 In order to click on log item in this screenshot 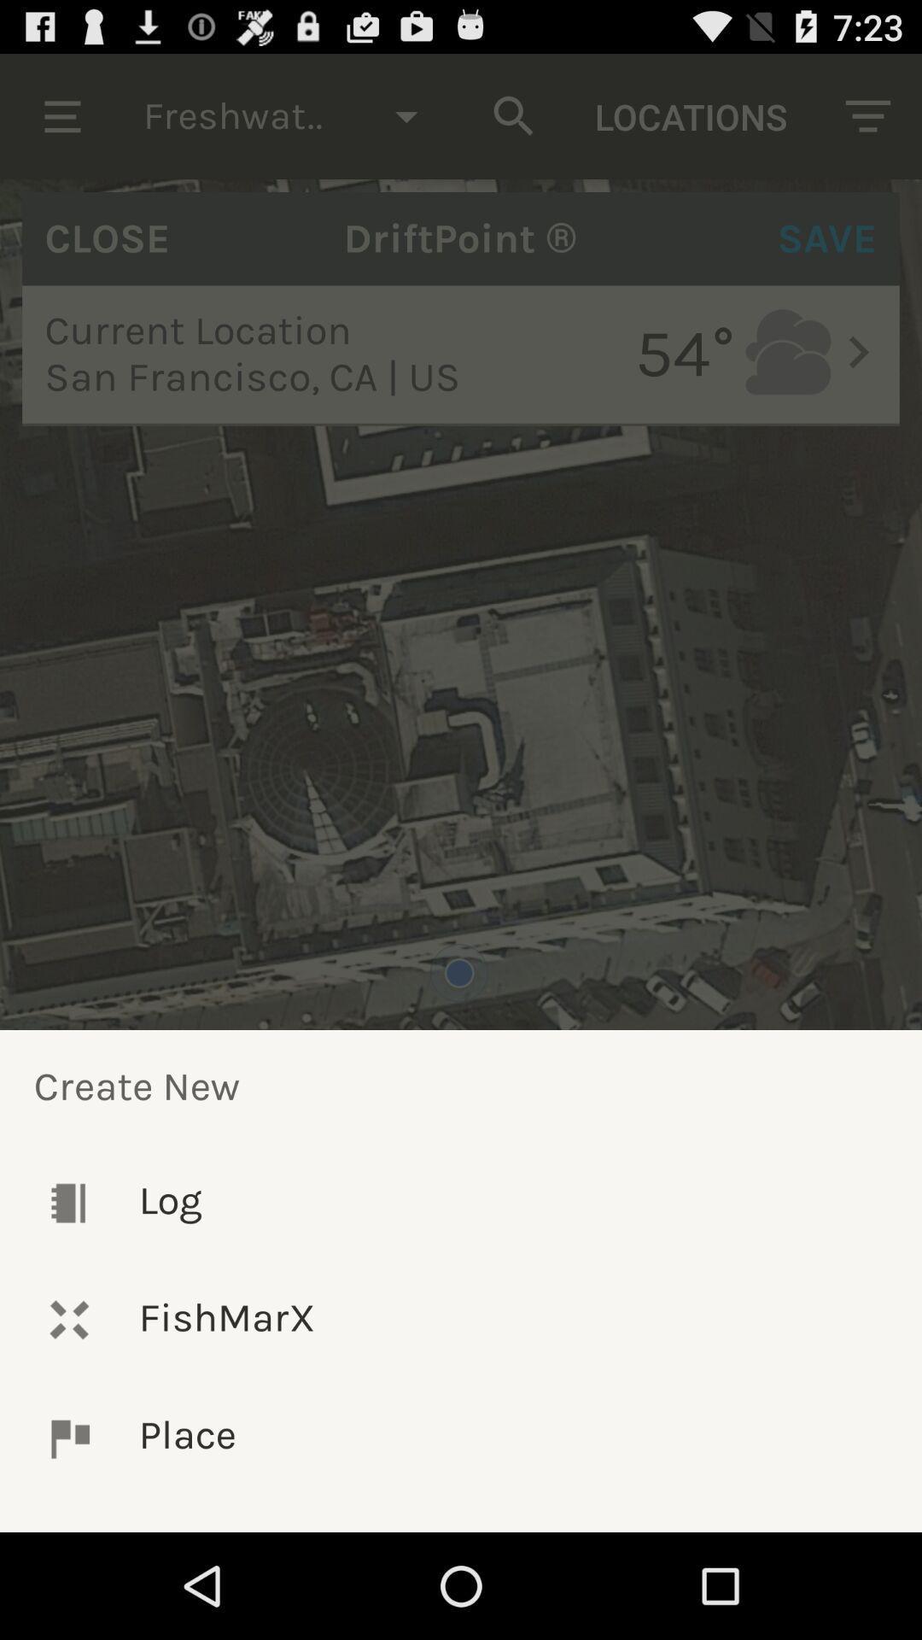, I will do `click(461, 1202)`.